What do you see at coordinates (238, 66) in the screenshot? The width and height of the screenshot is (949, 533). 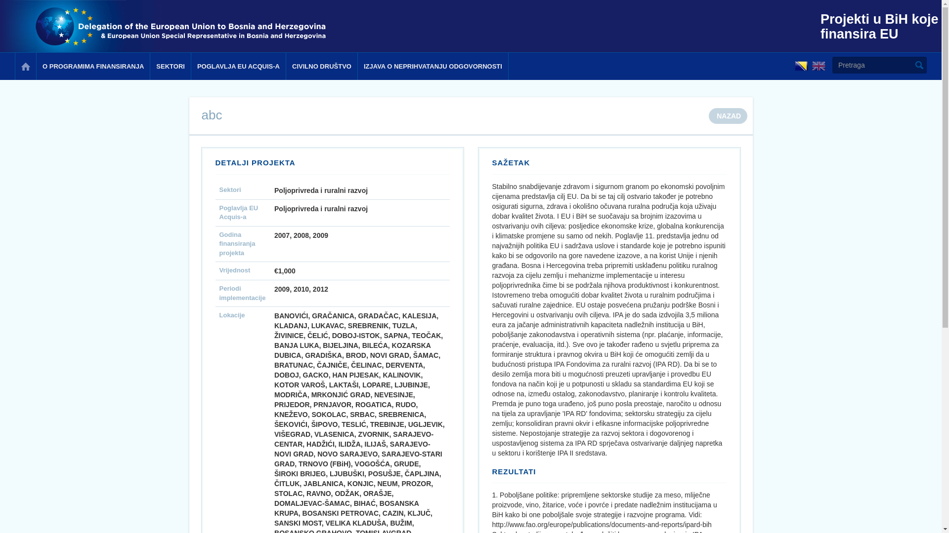 I see `'POGLAVLJA EU ACQUIS-A'` at bounding box center [238, 66].